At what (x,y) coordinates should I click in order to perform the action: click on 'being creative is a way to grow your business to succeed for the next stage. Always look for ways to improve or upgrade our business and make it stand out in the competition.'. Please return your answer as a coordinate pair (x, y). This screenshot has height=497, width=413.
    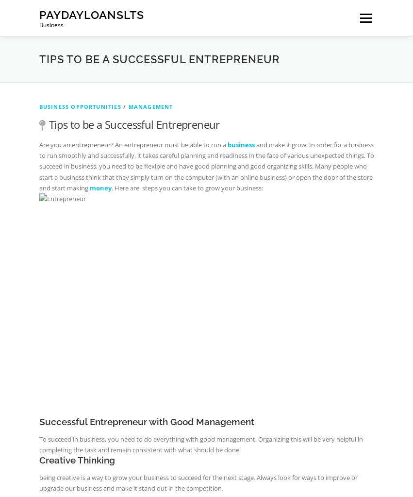
    Looking at the image, I should click on (197, 482).